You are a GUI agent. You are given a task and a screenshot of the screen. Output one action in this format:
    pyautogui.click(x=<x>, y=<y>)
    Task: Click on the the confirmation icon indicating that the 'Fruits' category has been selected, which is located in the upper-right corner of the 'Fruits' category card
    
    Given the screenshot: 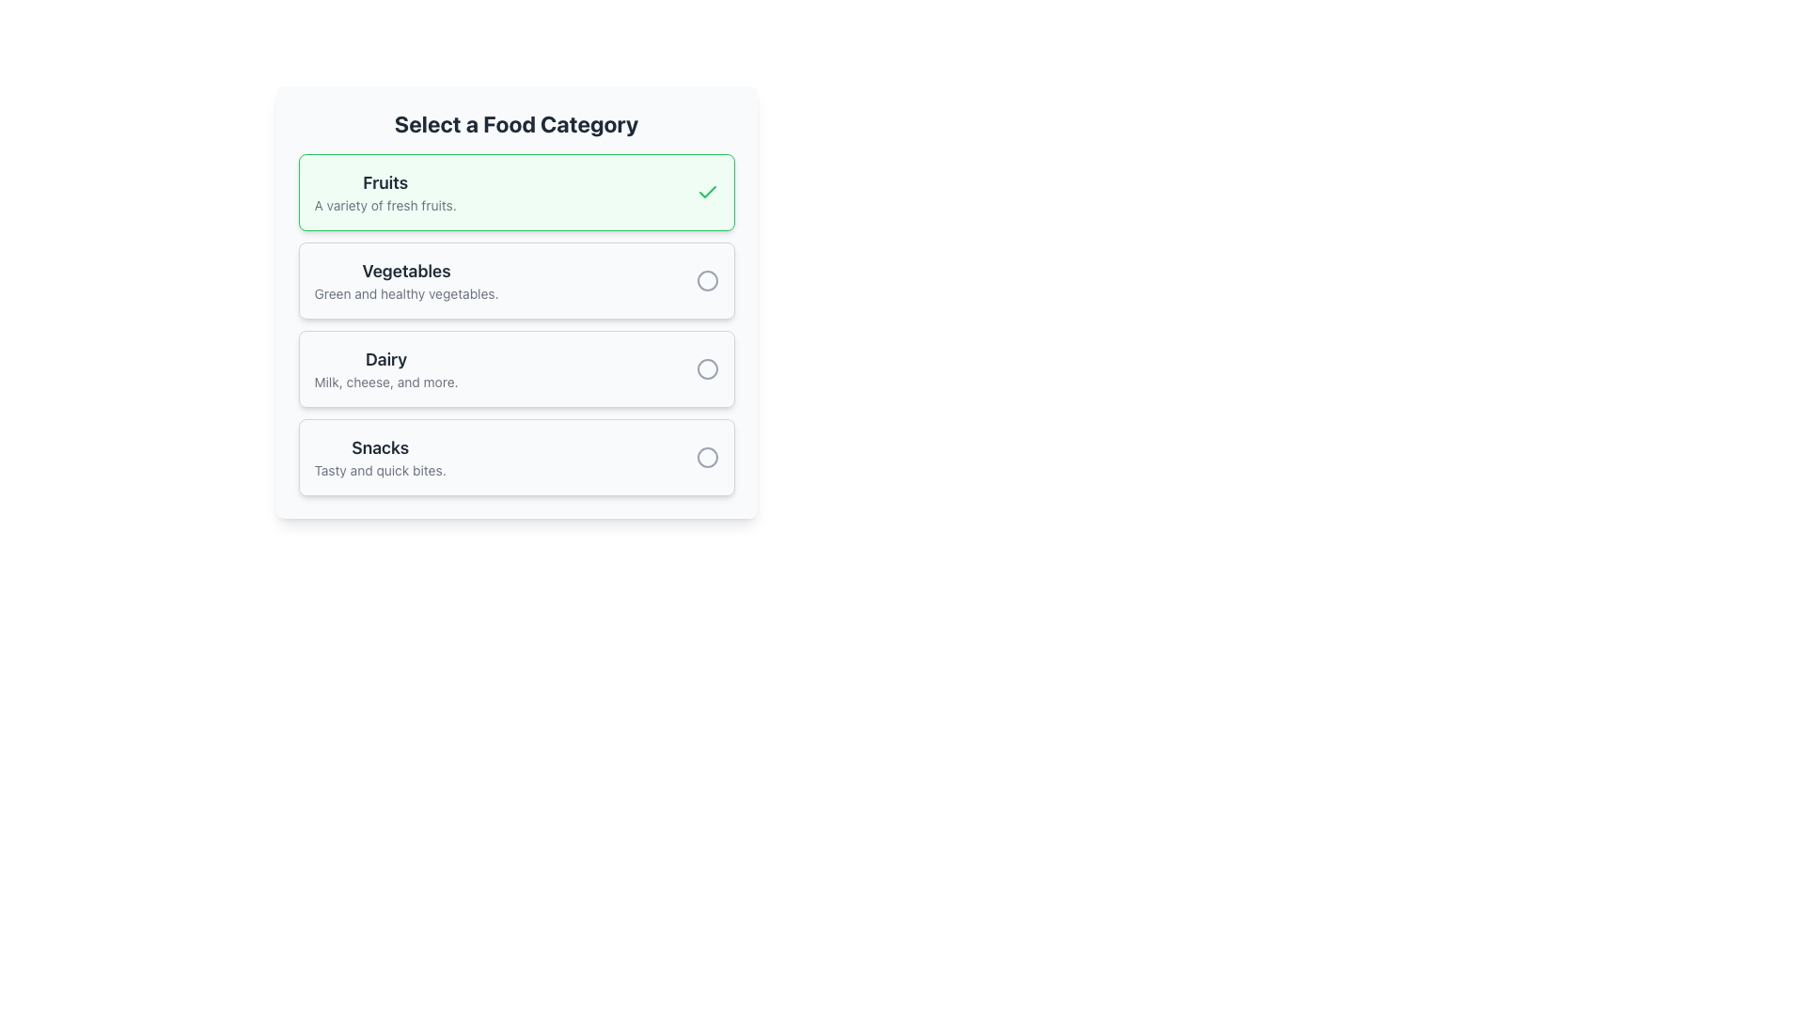 What is the action you would take?
    pyautogui.click(x=706, y=192)
    